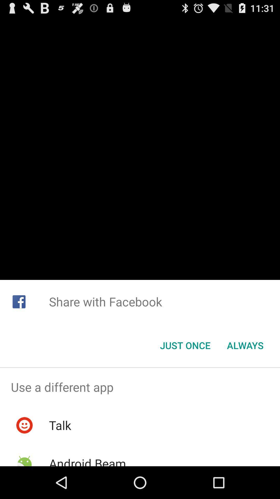 The image size is (280, 499). What do you see at coordinates (185, 345) in the screenshot?
I see `icon to the left of the always button` at bounding box center [185, 345].